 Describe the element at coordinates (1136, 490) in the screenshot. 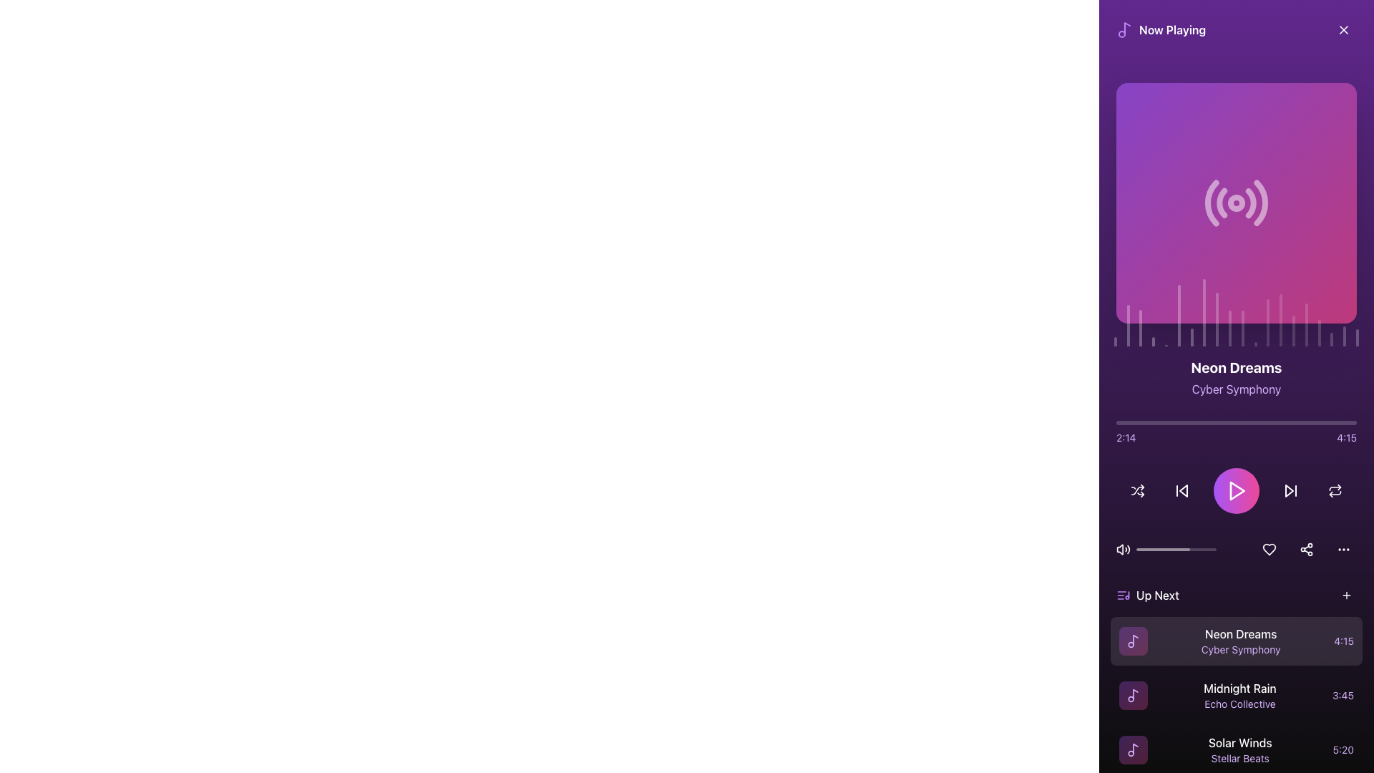

I see `the shuffle button represented by an icon of two interlinked arrows with a white stroke on a dark purple background, located as the first icon from the left in the bottom control row` at that location.